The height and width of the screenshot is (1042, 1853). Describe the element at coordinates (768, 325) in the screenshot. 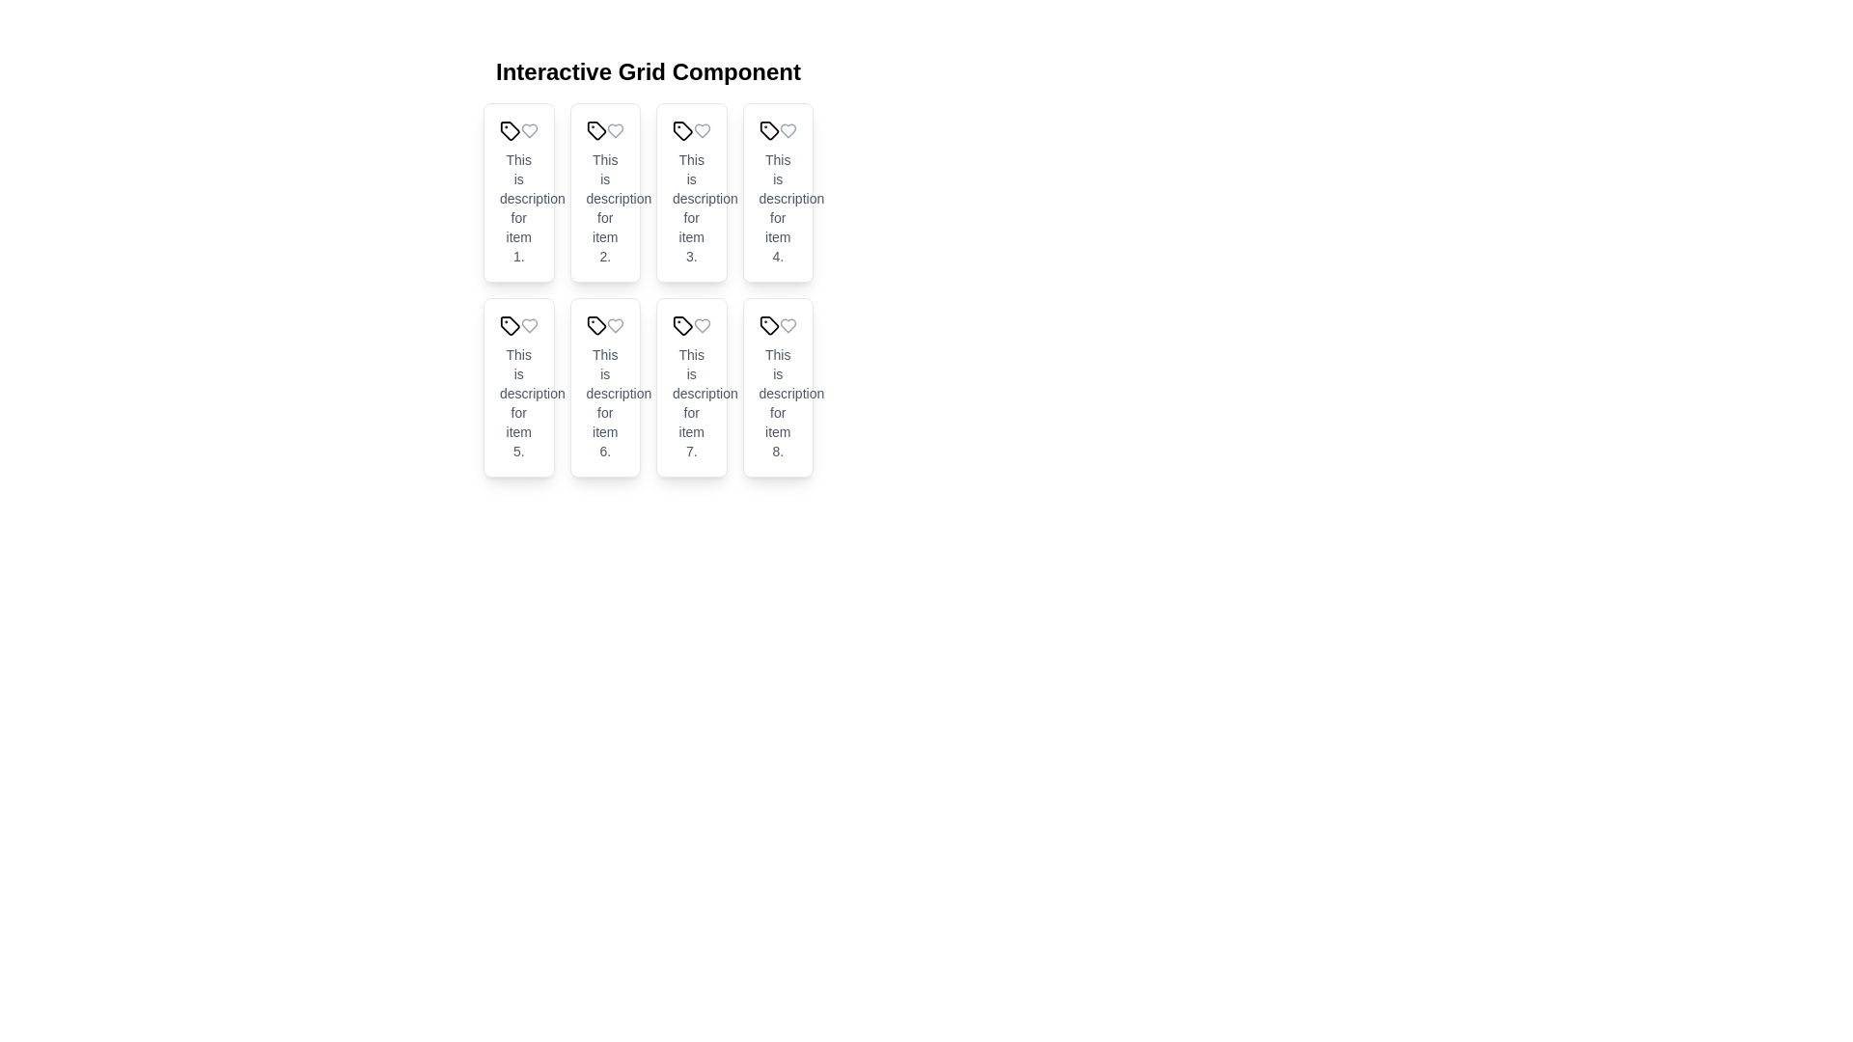

I see `the tag-shaped icon outlined in black, featuring a small circular detail, located in the last column, second row of the grid layout` at that location.